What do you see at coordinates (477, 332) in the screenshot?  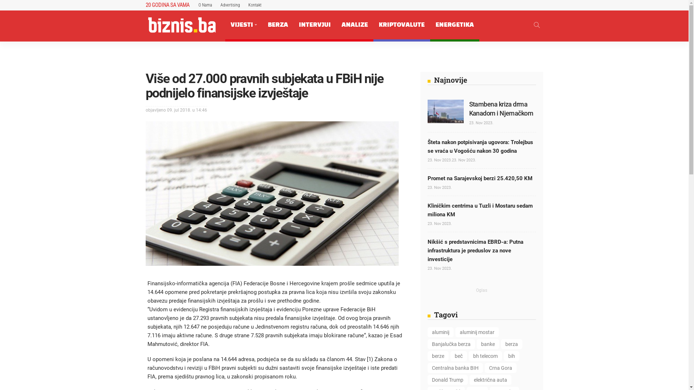 I see `'aluminij mostar'` at bounding box center [477, 332].